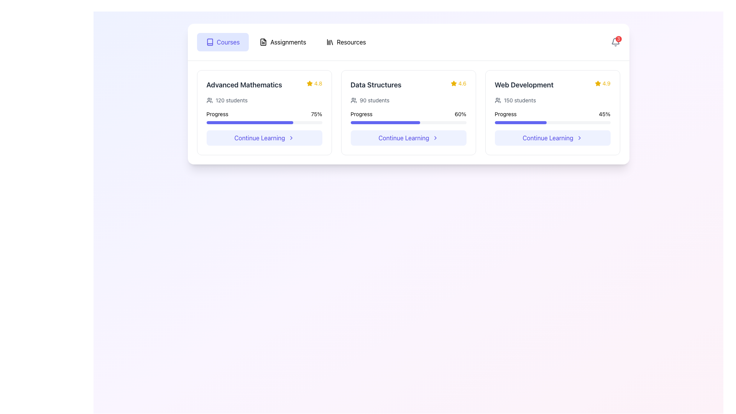 This screenshot has height=414, width=736. I want to click on the 'Assignments' tab in the navigation menu located in the upper middle section of the interface, just below the header, between the notification icon on the right and white space on the left, so click(286, 42).